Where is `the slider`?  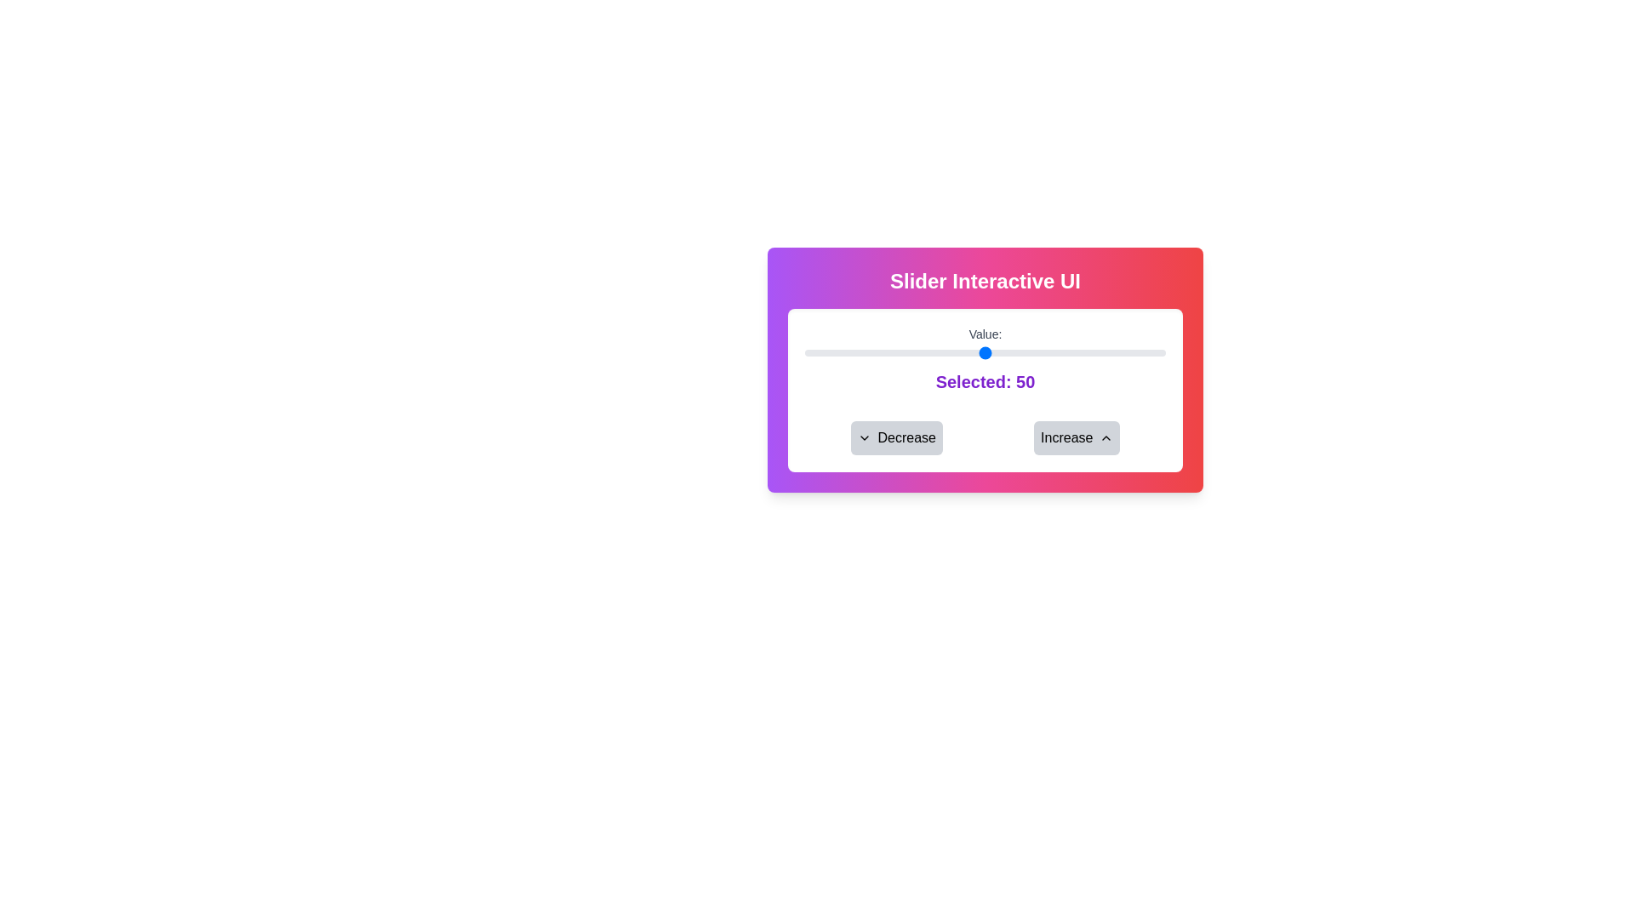
the slider is located at coordinates (855, 352).